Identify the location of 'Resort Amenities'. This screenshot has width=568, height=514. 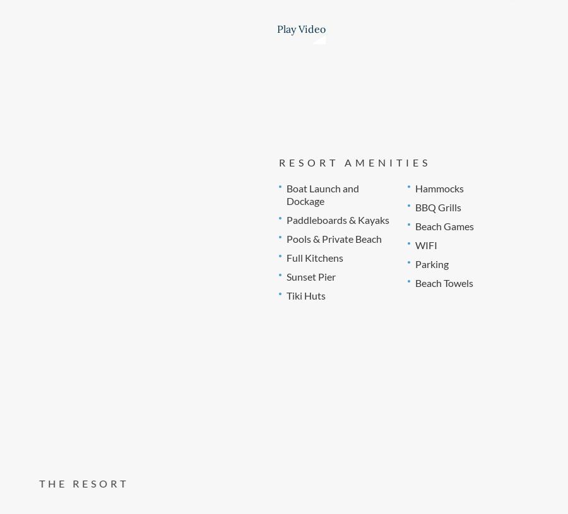
(353, 161).